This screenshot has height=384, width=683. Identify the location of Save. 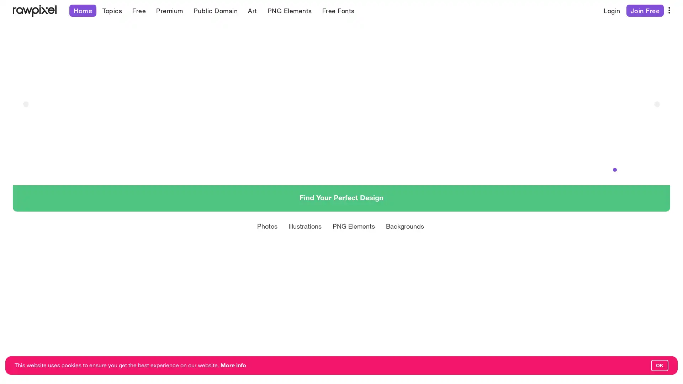
(198, 361).